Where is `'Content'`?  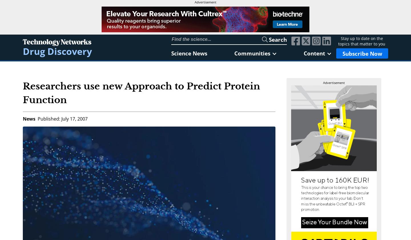 'Content' is located at coordinates (314, 53).